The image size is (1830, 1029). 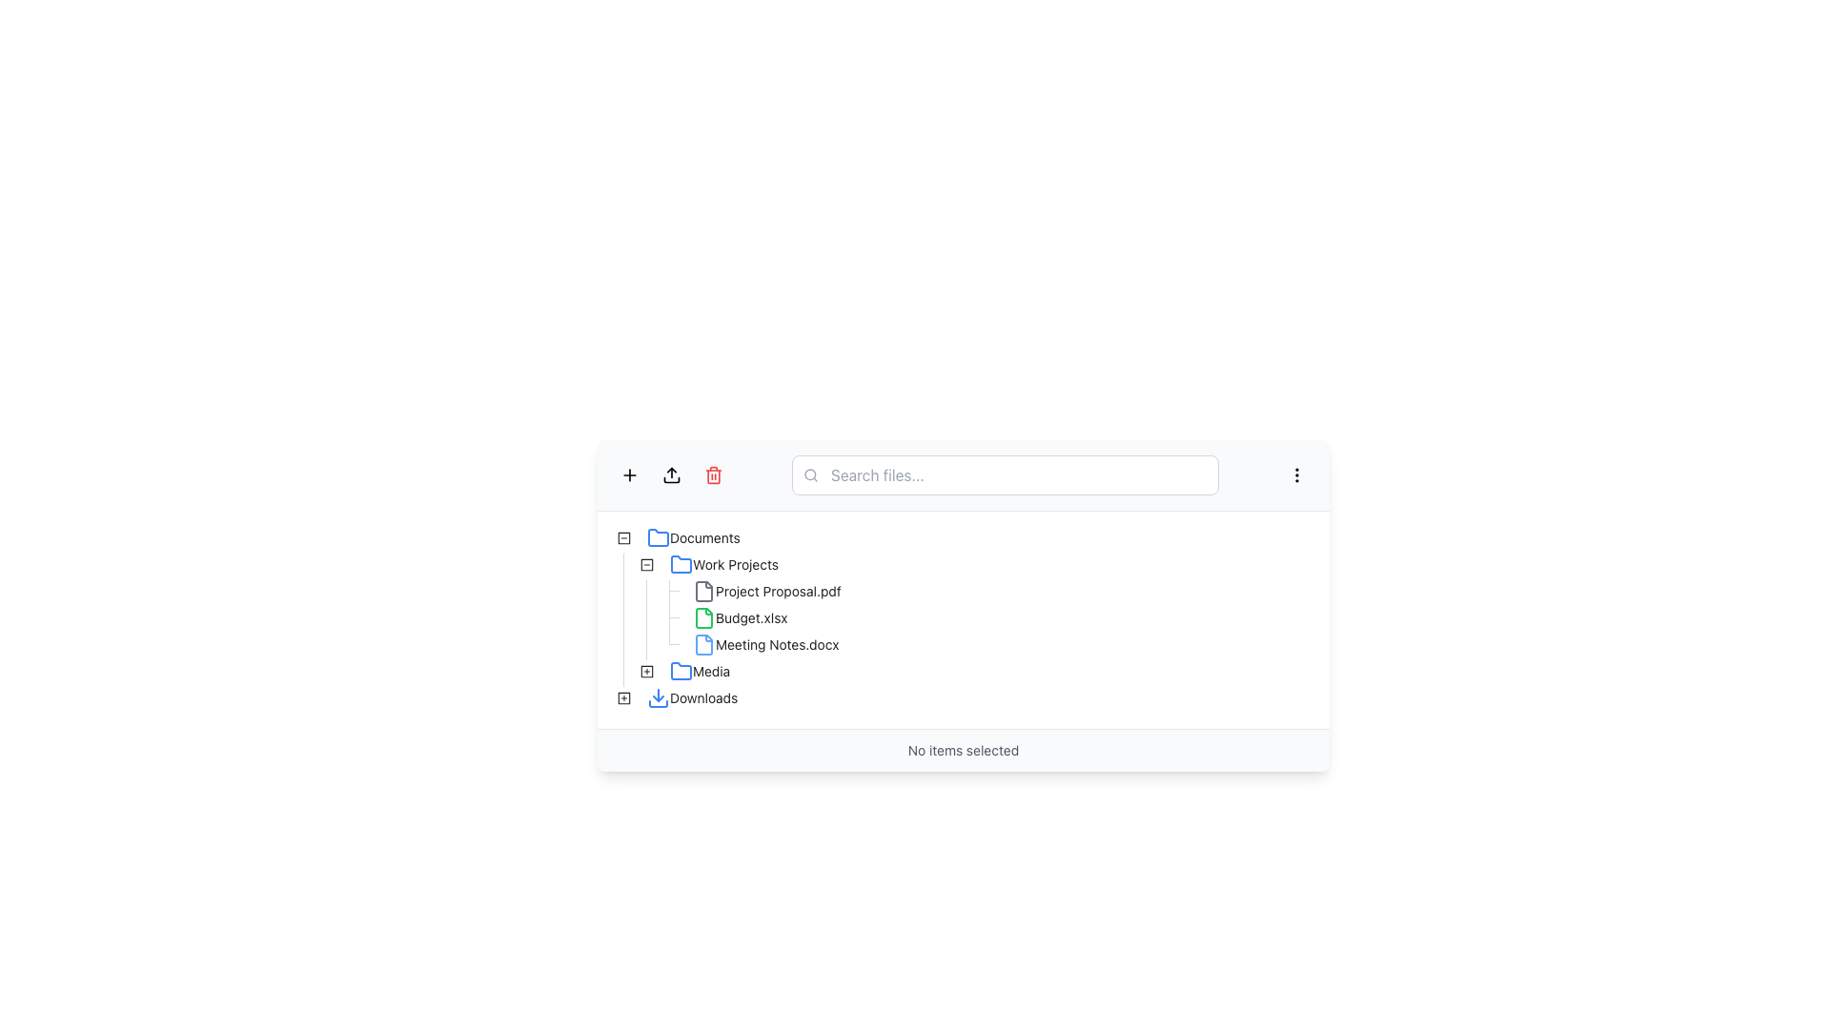 I want to click on the indentation marker located to the left of the 'Meeting Notes.docx' entry in the file tree layout, so click(x=636, y=644).